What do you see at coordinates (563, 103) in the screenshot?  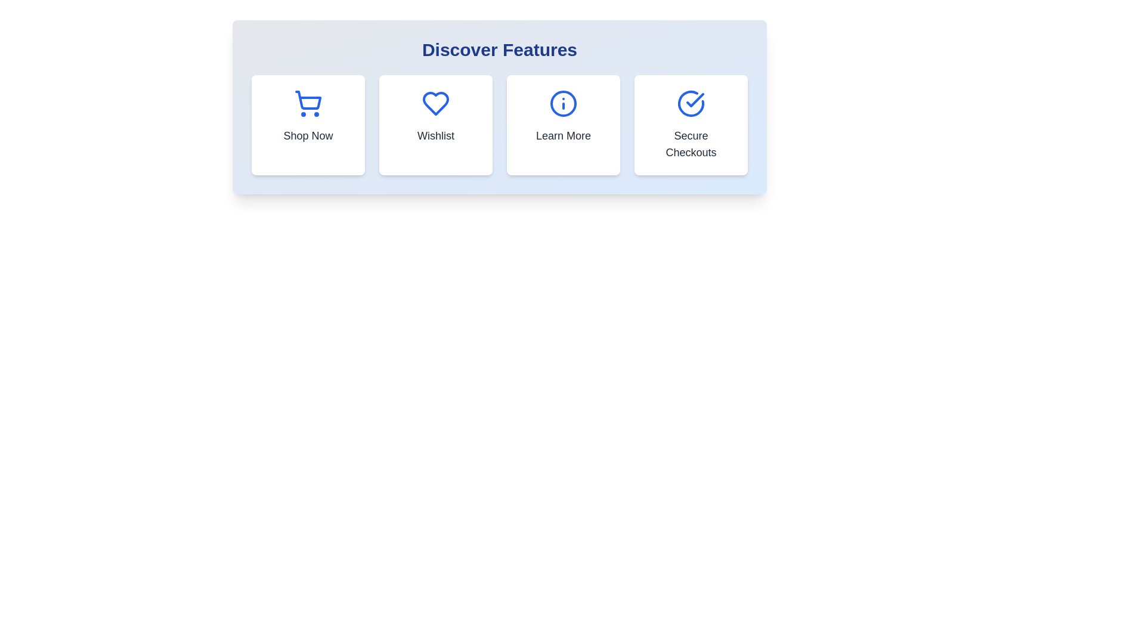 I see `the outer circular boundary of the info icon, which is part of the 'Learn More' button located under the 'Discover Features' heading` at bounding box center [563, 103].